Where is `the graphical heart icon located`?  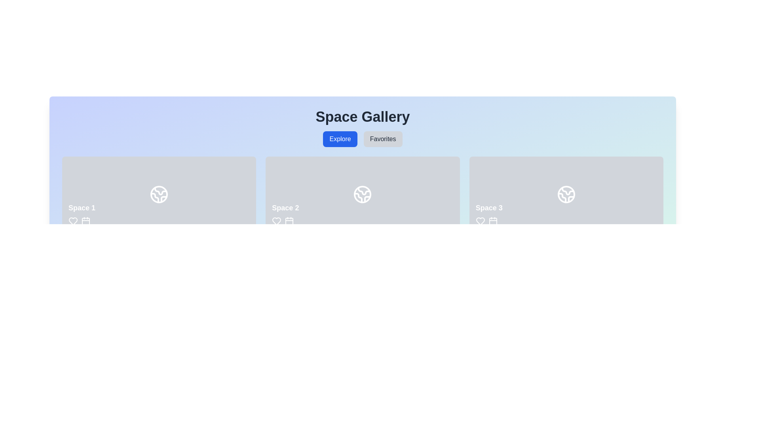
the graphical heart icon located is located at coordinates (277, 221).